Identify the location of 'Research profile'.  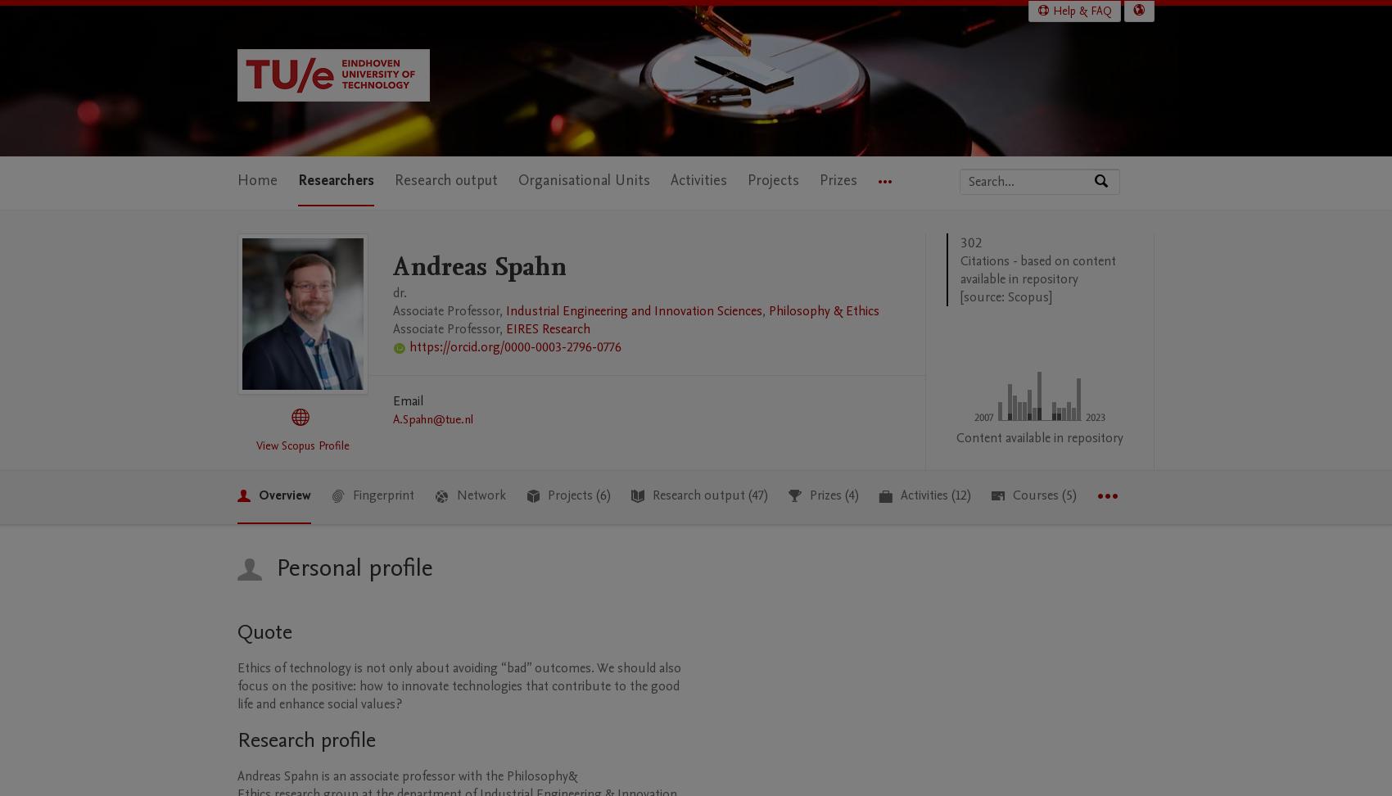
(305, 739).